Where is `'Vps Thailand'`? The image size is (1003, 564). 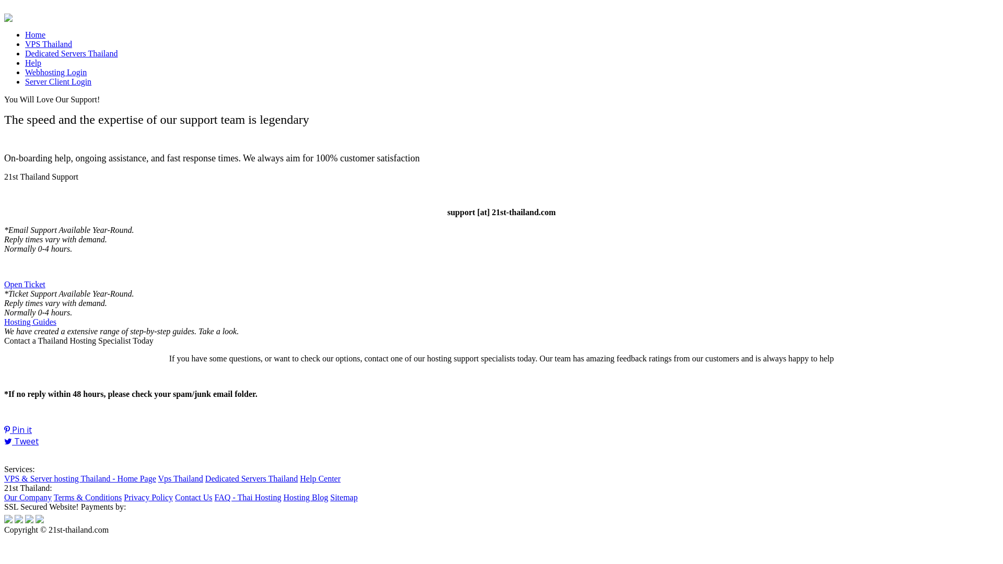
'Vps Thailand' is located at coordinates (180, 478).